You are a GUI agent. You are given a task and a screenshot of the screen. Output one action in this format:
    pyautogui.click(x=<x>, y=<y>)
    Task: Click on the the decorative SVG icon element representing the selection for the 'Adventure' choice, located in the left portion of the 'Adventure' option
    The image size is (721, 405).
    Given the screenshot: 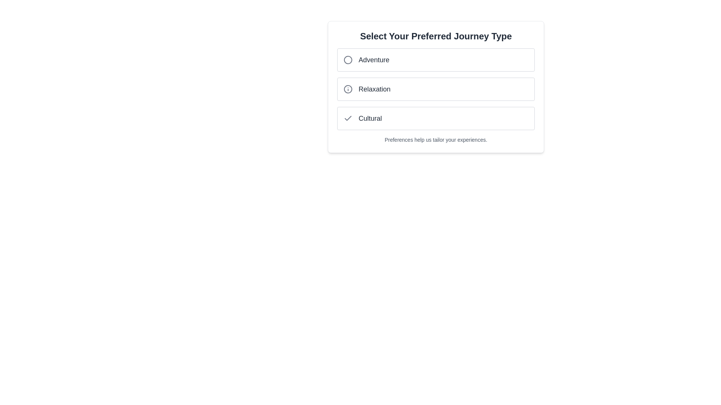 What is the action you would take?
    pyautogui.click(x=347, y=59)
    